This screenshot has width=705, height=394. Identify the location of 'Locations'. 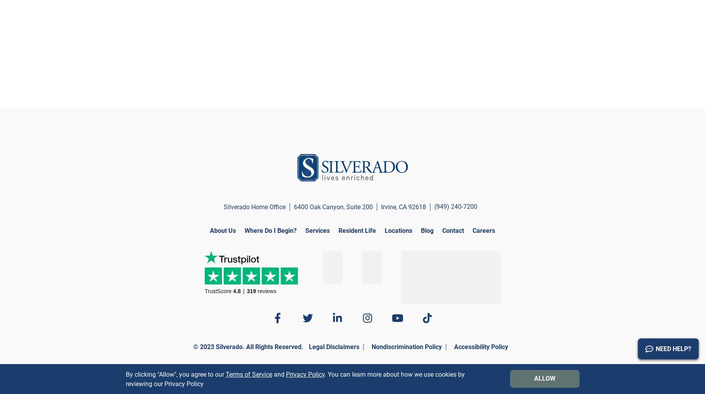
(384, 230).